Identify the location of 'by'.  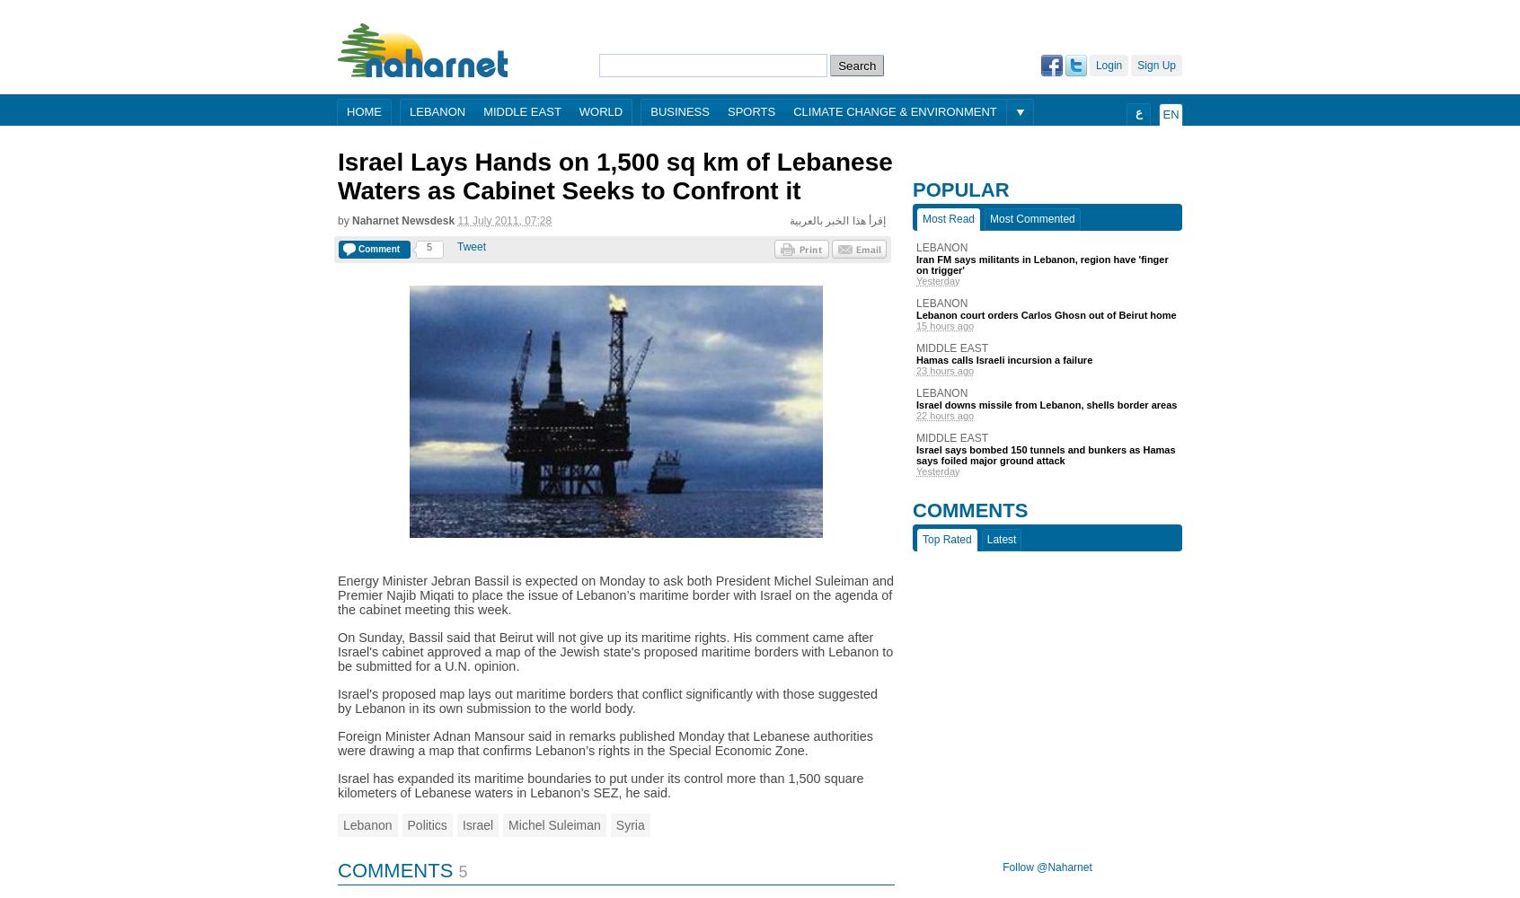
(337, 220).